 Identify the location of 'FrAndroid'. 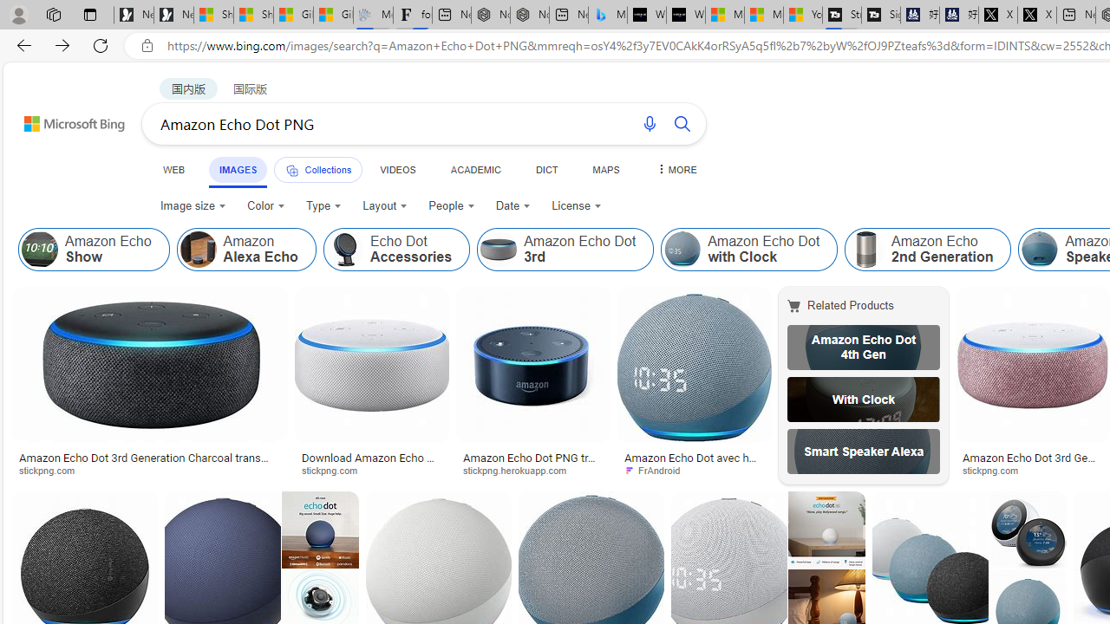
(657, 470).